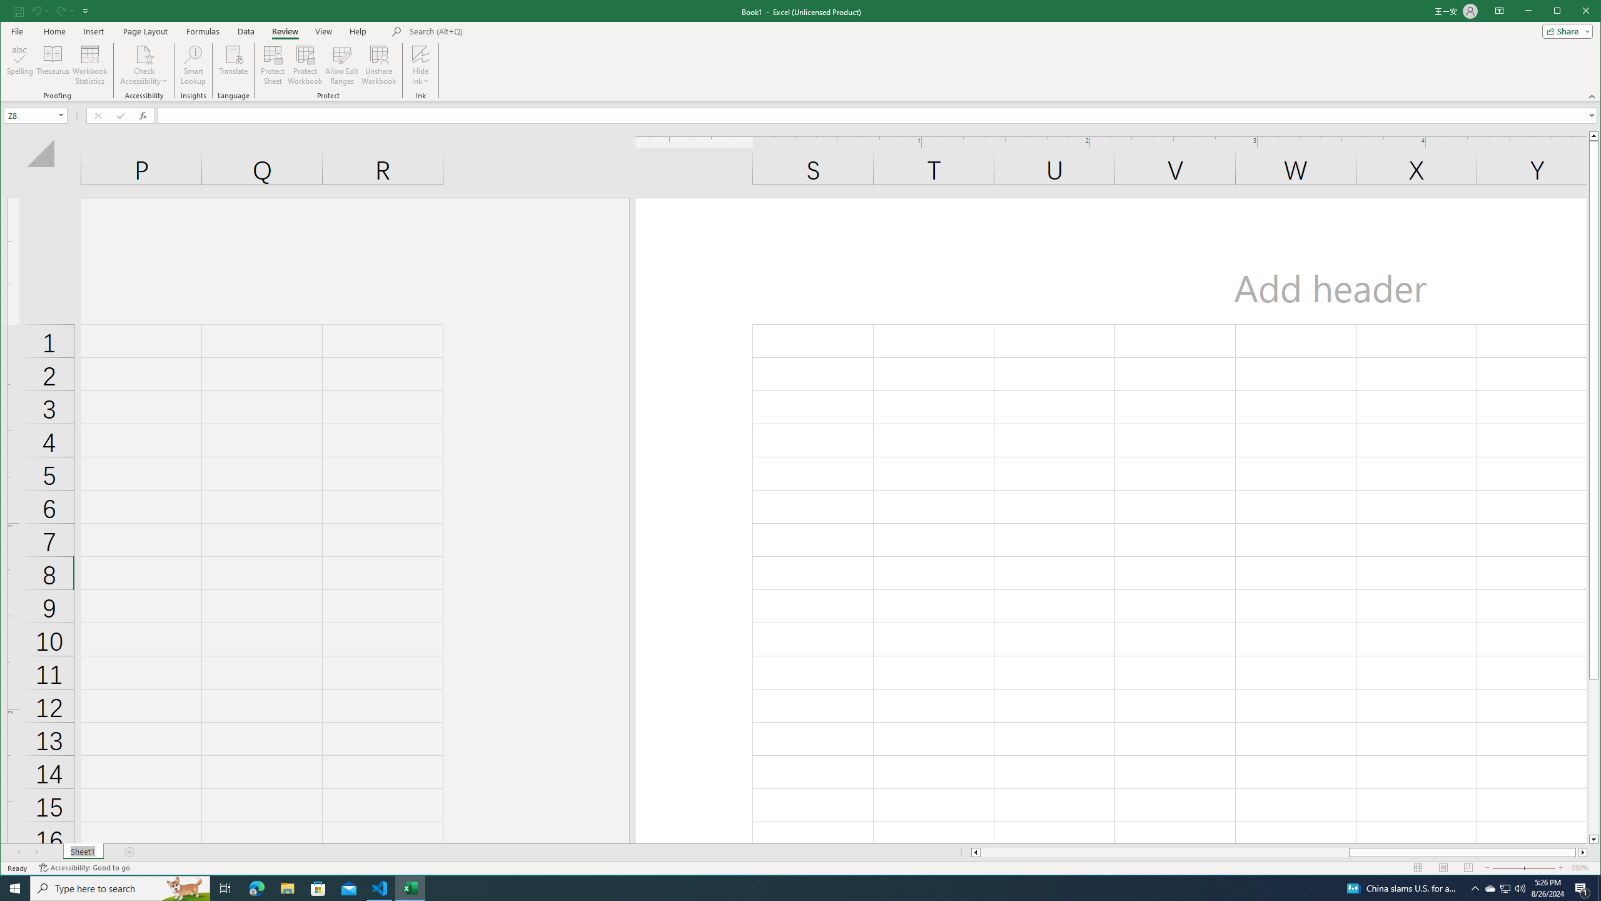  What do you see at coordinates (1475, 887) in the screenshot?
I see `'Notification Chevron'` at bounding box center [1475, 887].